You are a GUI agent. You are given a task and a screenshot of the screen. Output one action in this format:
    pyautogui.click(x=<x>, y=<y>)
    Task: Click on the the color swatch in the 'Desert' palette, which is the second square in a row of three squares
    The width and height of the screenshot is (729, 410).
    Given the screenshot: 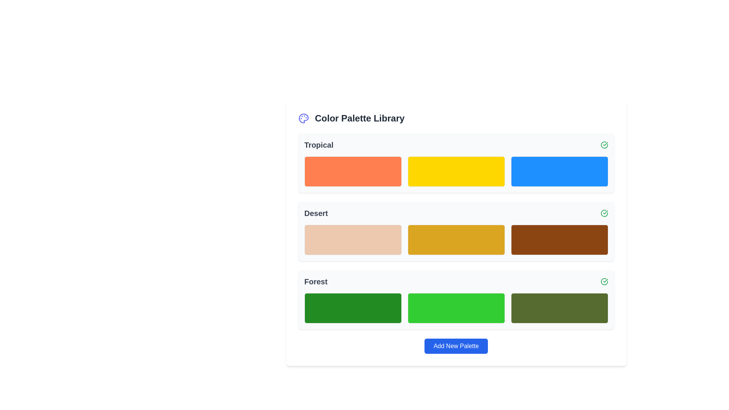 What is the action you would take?
    pyautogui.click(x=456, y=240)
    